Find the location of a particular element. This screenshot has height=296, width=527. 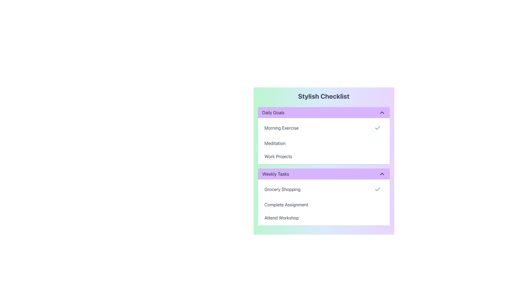

the 'Daily Goals' text element, which is displayed in a medium-sized font on a light purple background, located at the top-left of its section is located at coordinates (273, 112).